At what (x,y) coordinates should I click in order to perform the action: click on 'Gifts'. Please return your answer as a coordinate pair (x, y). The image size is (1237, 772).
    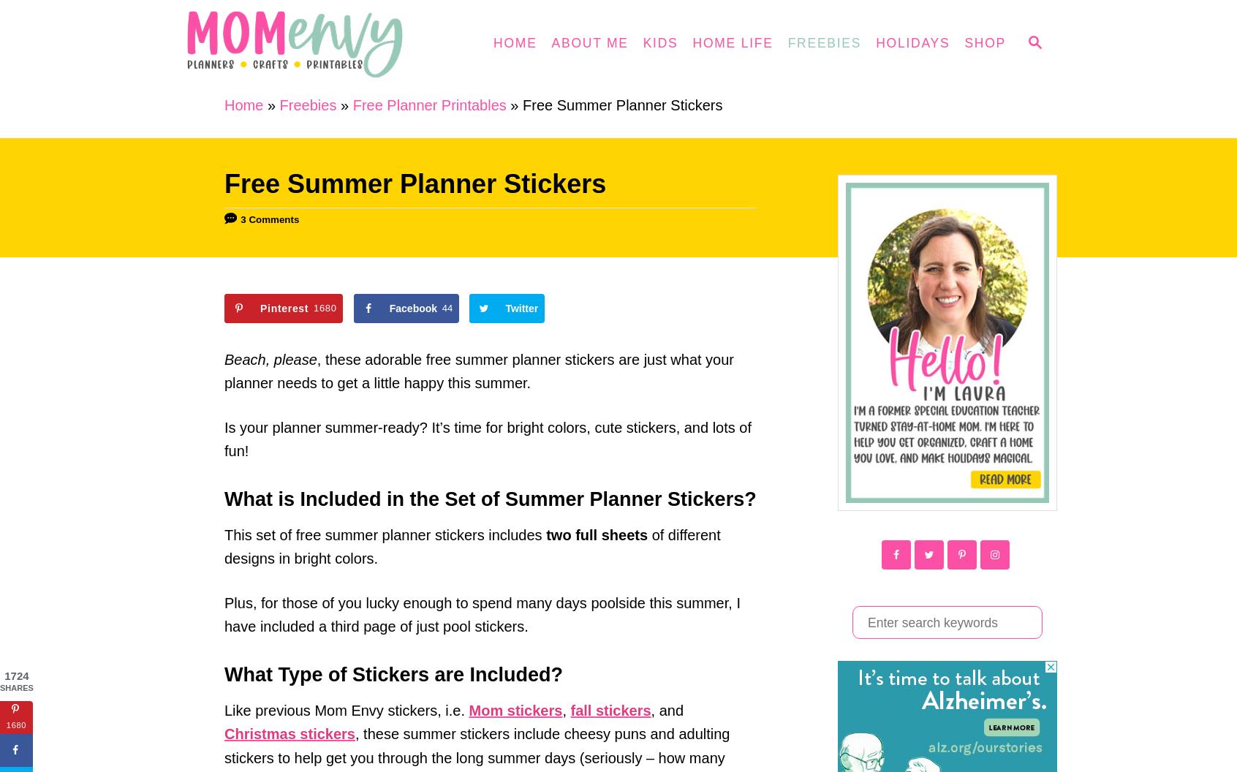
    Looking at the image, I should click on (636, 197).